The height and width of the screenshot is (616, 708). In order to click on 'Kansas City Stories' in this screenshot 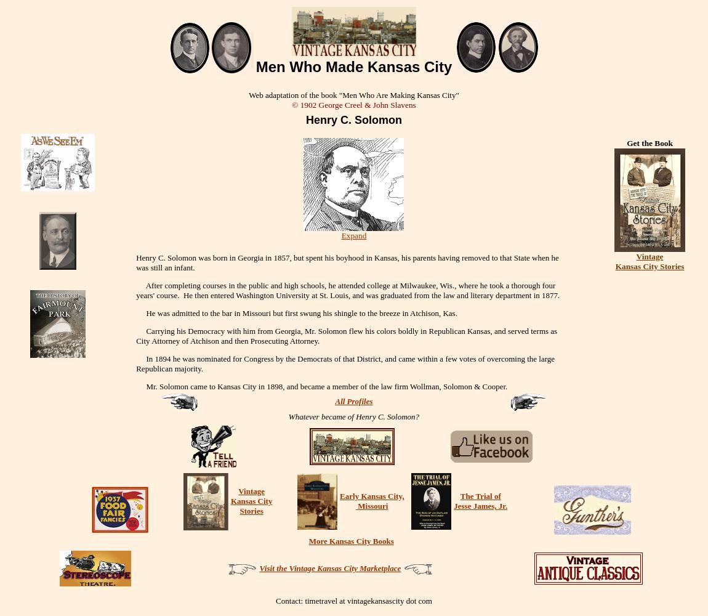, I will do `click(650, 265)`.